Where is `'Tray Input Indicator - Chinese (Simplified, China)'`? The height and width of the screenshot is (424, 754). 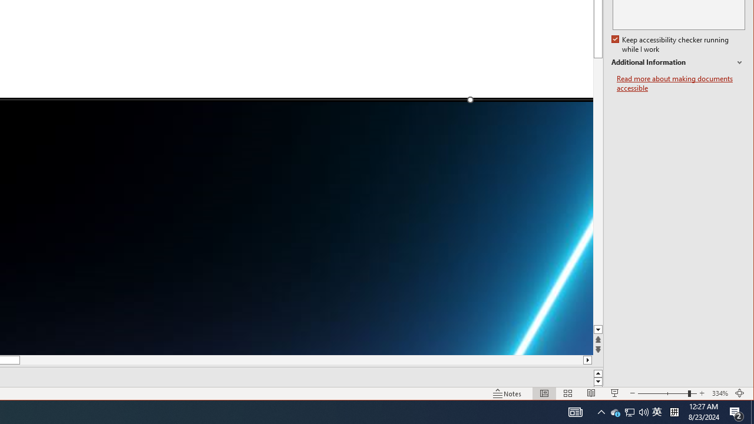 'Tray Input Indicator - Chinese (Simplified, China)' is located at coordinates (643, 411).